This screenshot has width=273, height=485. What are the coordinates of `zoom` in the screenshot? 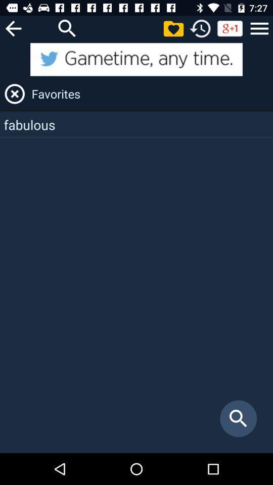 It's located at (67, 28).